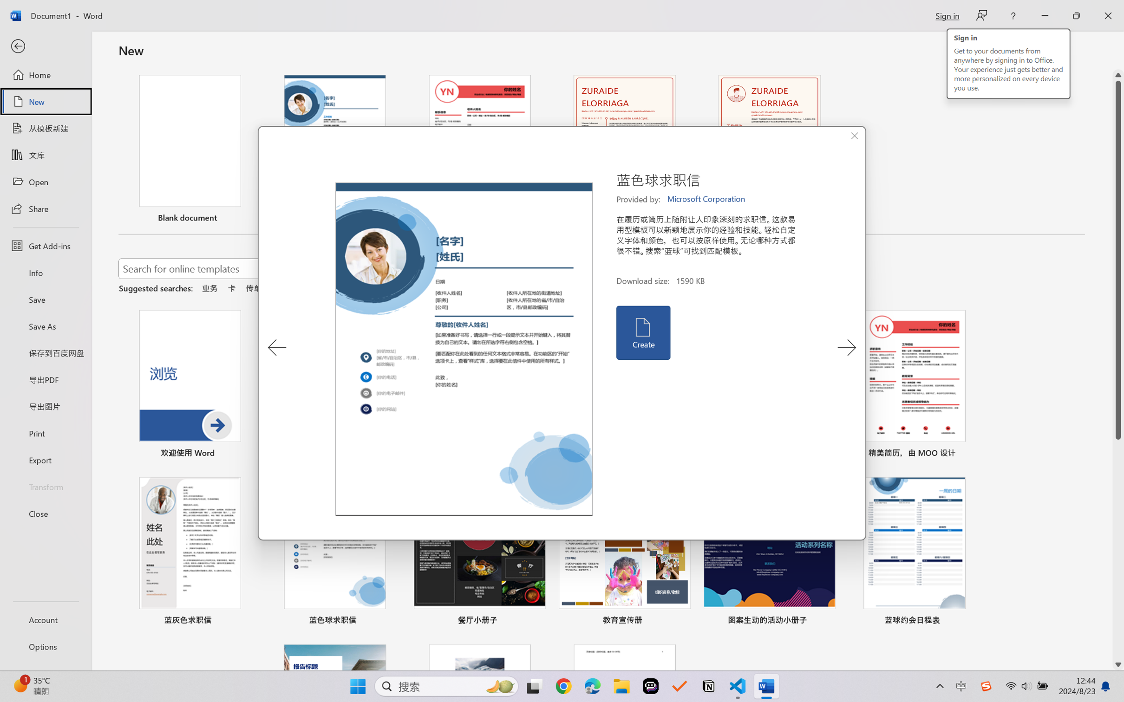 This screenshot has width=1124, height=702. I want to click on 'Previous Template', so click(277, 347).